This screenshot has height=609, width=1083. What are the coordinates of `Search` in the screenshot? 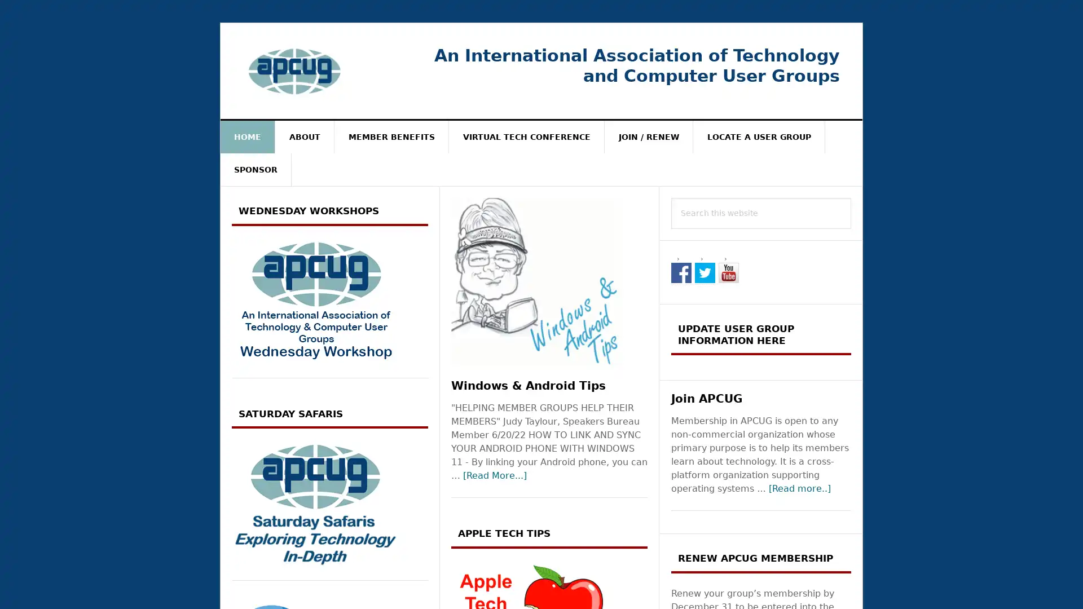 It's located at (851, 197).